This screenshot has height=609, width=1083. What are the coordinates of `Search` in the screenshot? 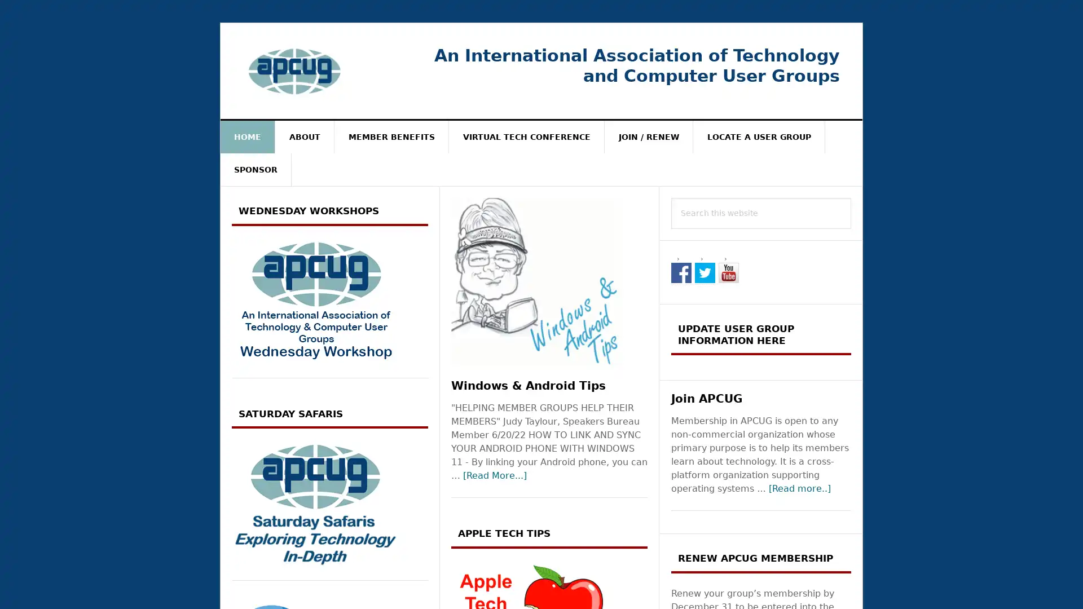 It's located at (851, 197).